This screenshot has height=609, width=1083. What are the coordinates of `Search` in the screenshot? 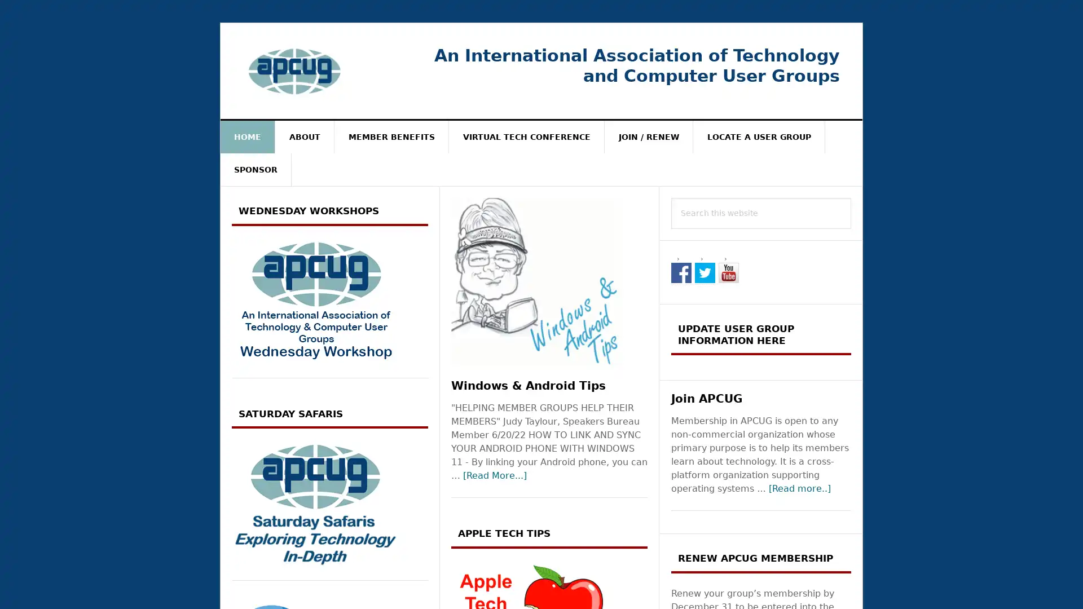 It's located at (851, 197).